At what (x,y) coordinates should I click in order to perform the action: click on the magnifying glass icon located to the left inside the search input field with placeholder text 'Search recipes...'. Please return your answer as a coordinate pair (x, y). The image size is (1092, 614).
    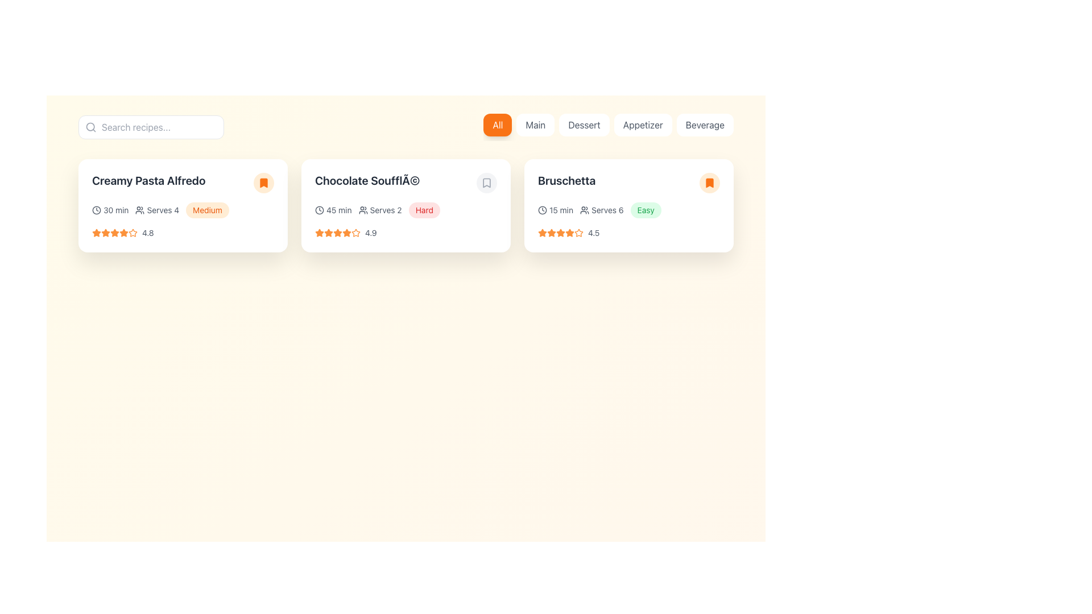
    Looking at the image, I should click on (90, 127).